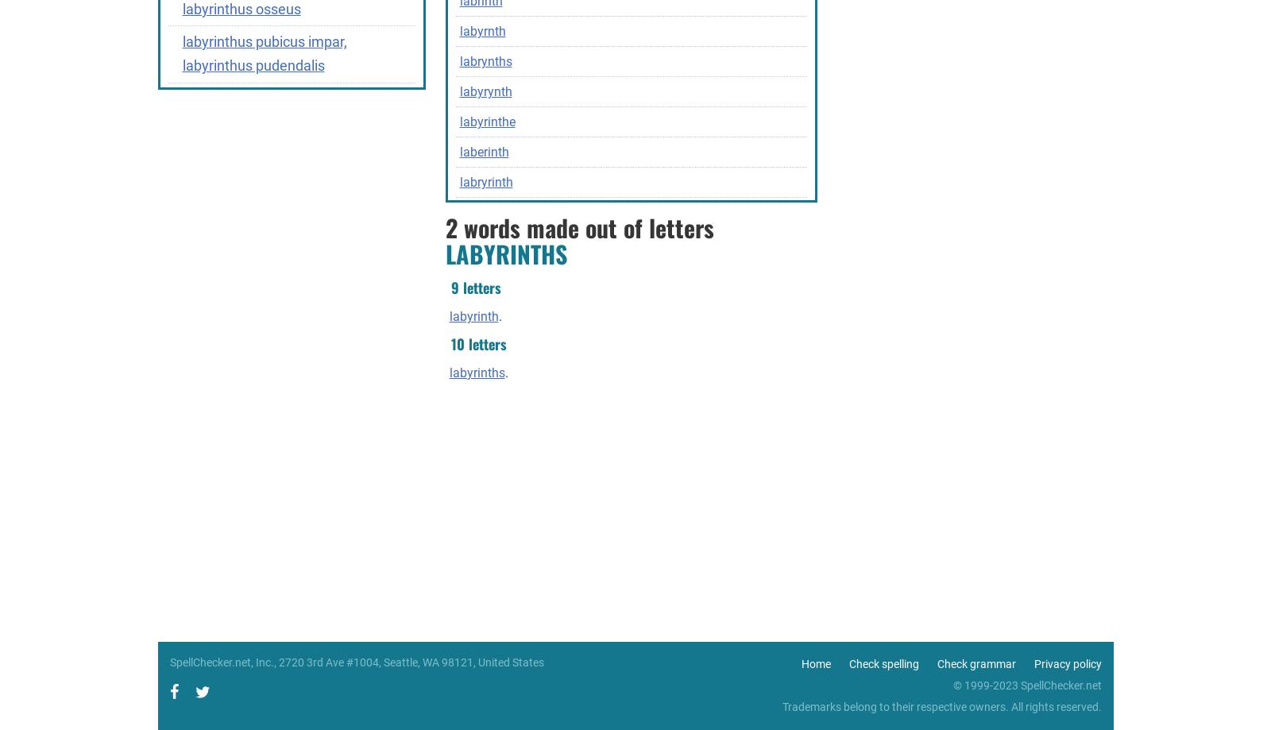 The width and height of the screenshot is (1271, 730). Describe the element at coordinates (941, 705) in the screenshot. I see `'Trademarks belong to their respective owners. All rights reserved.'` at that location.